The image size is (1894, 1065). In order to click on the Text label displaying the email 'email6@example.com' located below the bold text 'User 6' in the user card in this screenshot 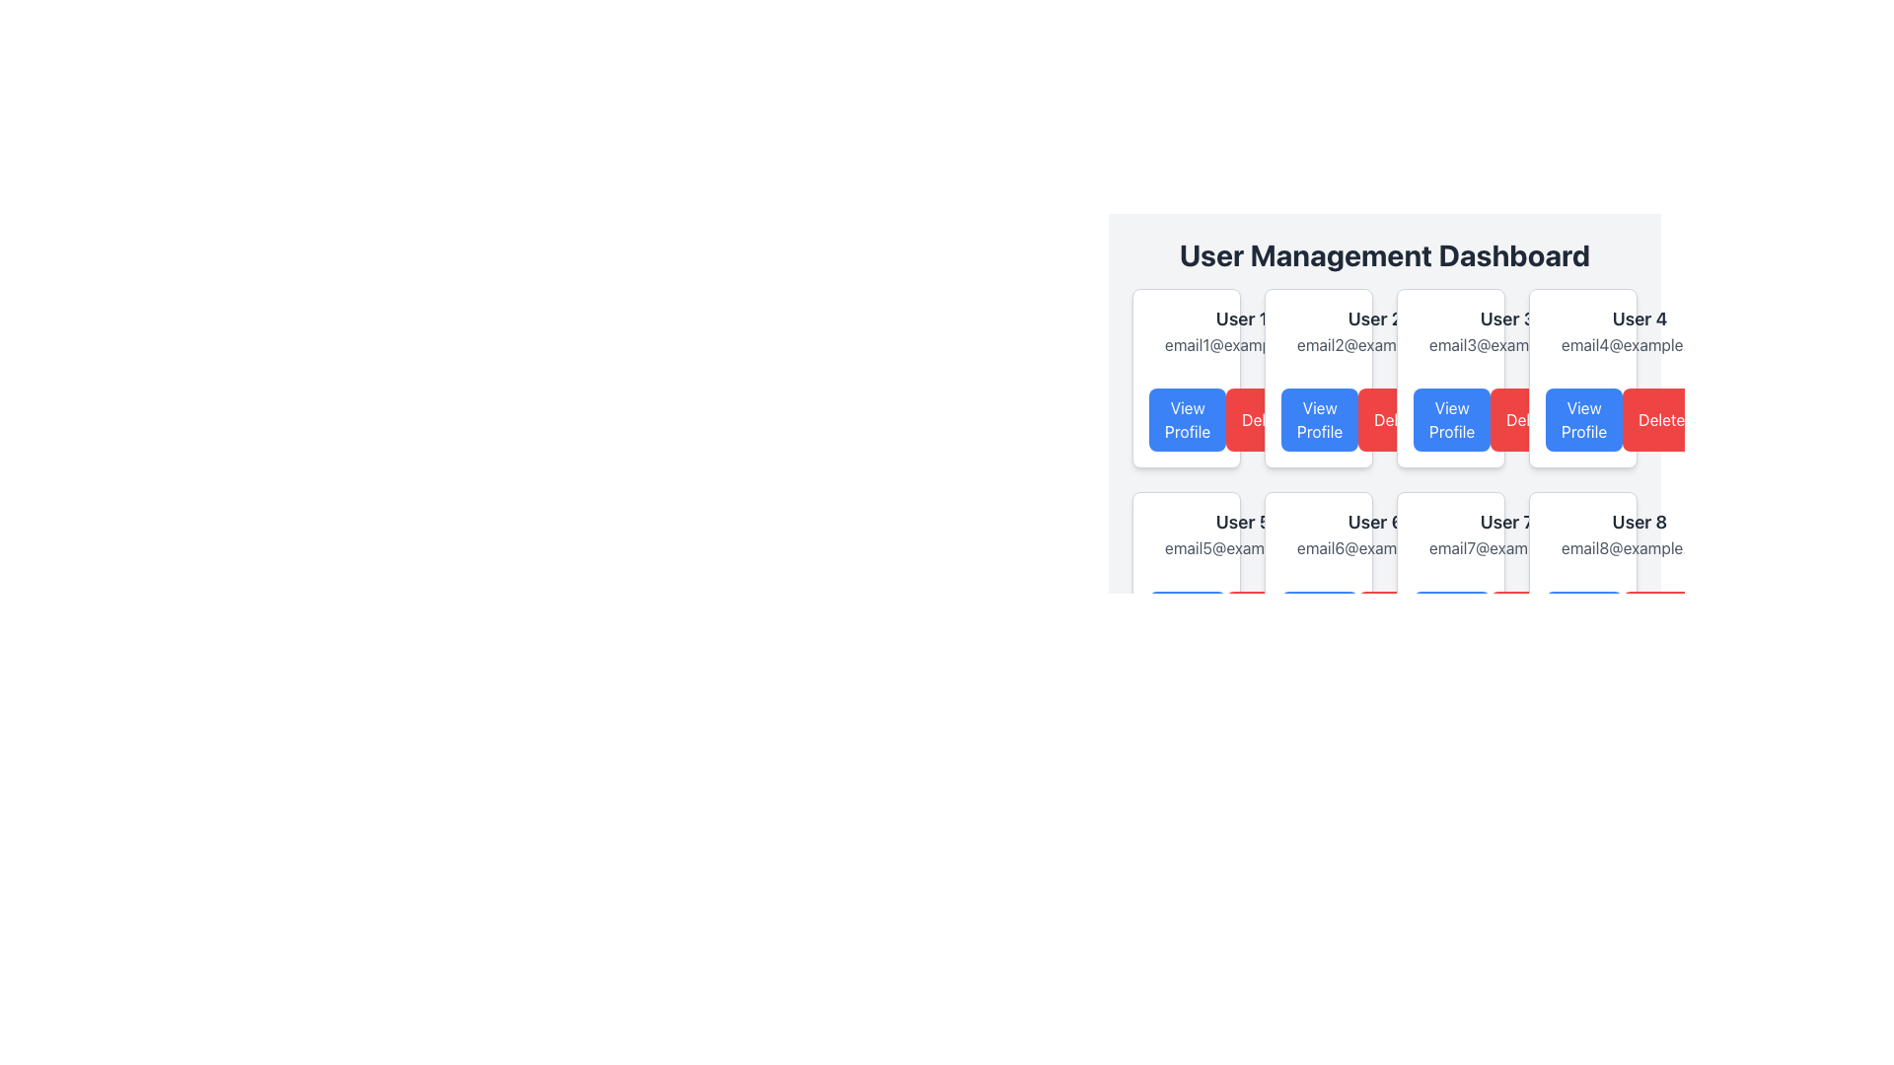, I will do `click(1319, 534)`.